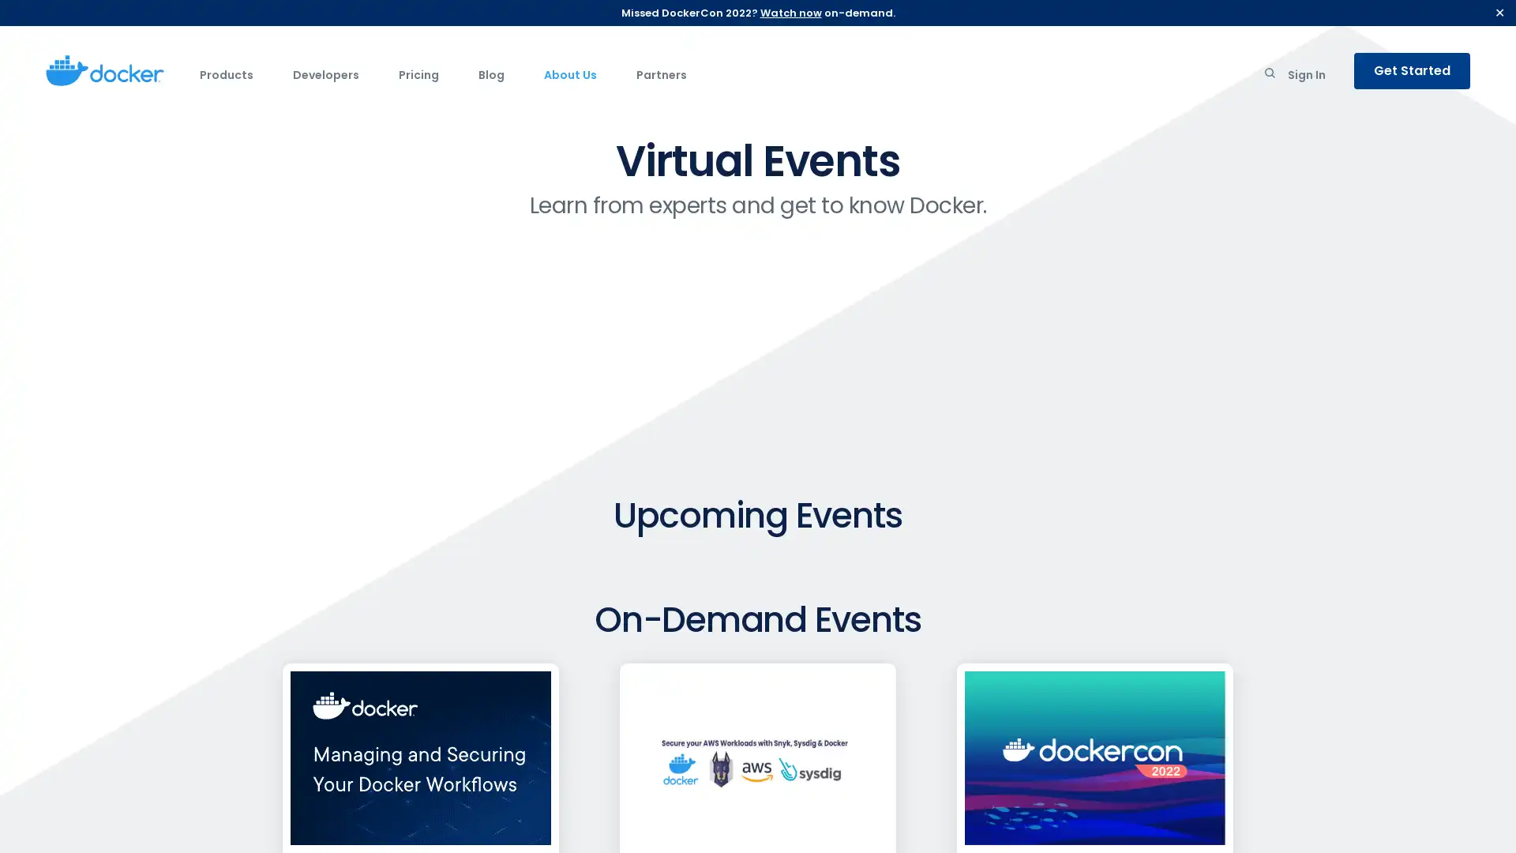  What do you see at coordinates (1270, 76) in the screenshot?
I see `Search` at bounding box center [1270, 76].